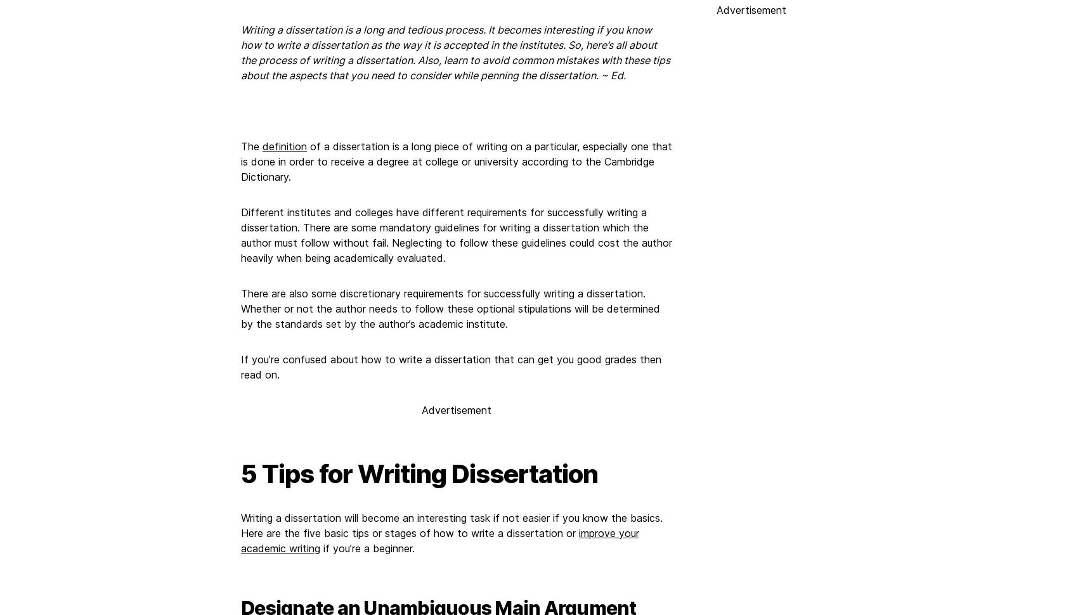 The height and width of the screenshot is (615, 1078). I want to click on 'If you’re confused about how to write a dissertation that can get you good grades then read on.', so click(240, 366).